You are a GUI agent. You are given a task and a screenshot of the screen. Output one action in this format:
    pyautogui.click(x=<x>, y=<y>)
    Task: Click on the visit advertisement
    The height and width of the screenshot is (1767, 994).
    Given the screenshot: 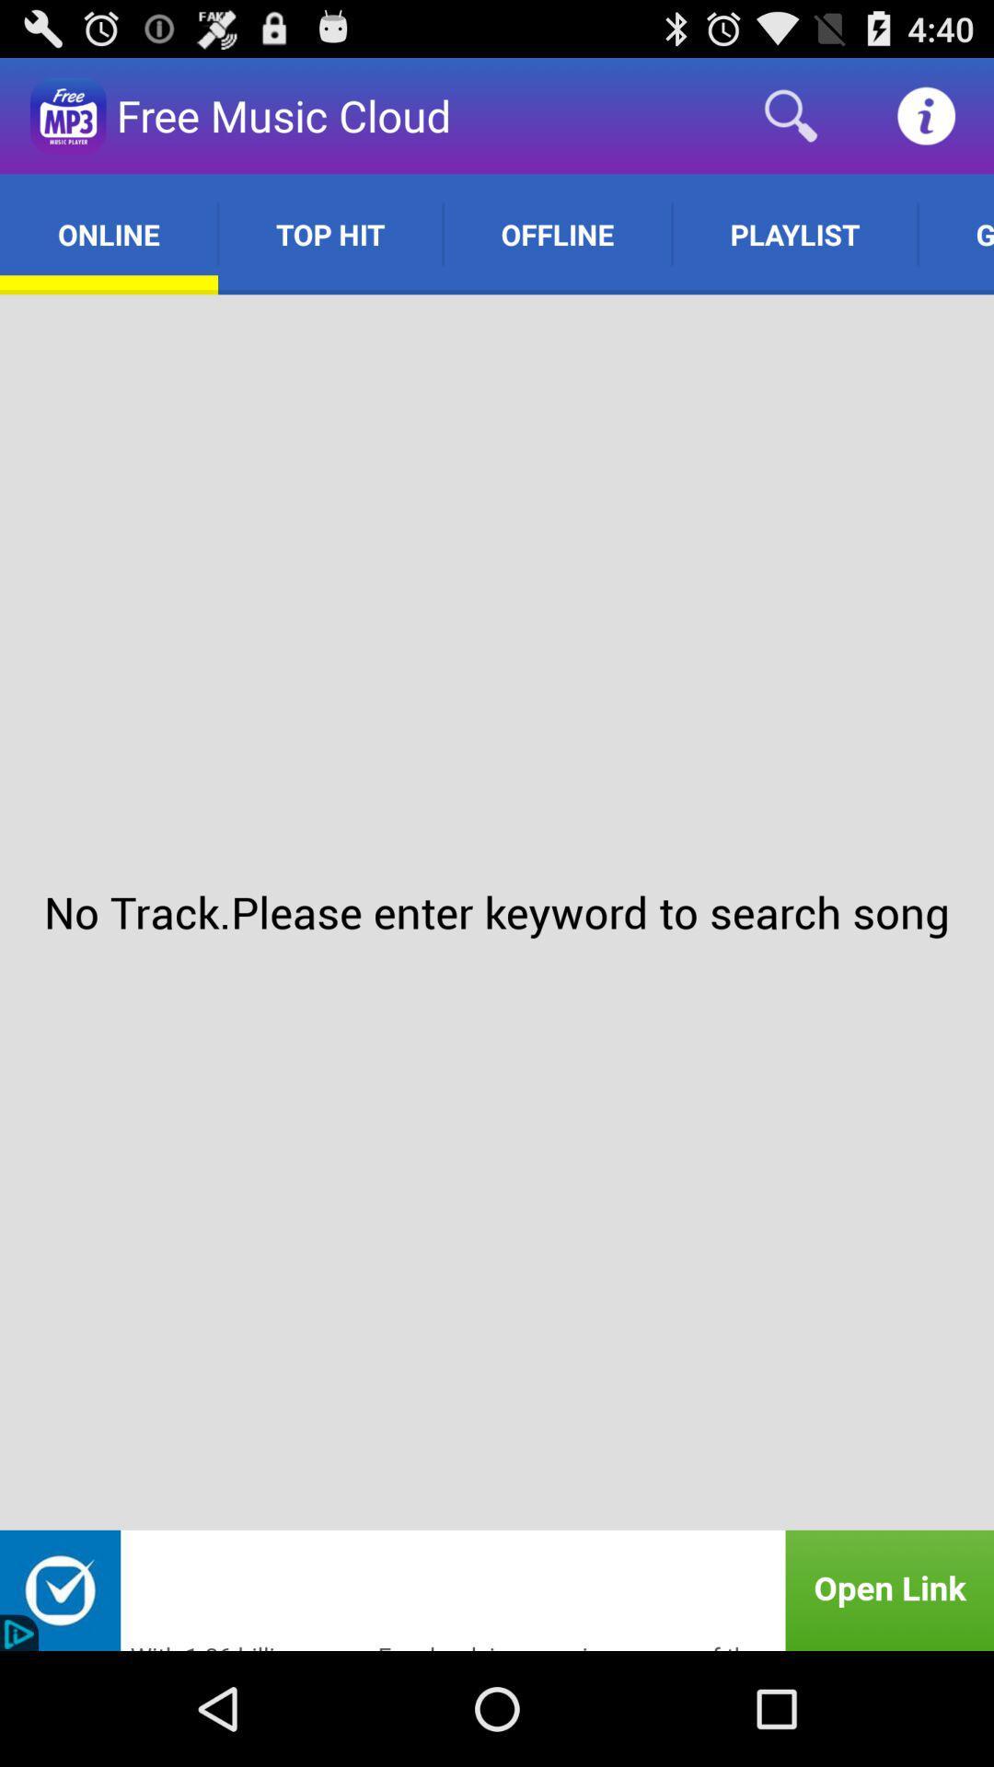 What is the action you would take?
    pyautogui.click(x=497, y=1589)
    